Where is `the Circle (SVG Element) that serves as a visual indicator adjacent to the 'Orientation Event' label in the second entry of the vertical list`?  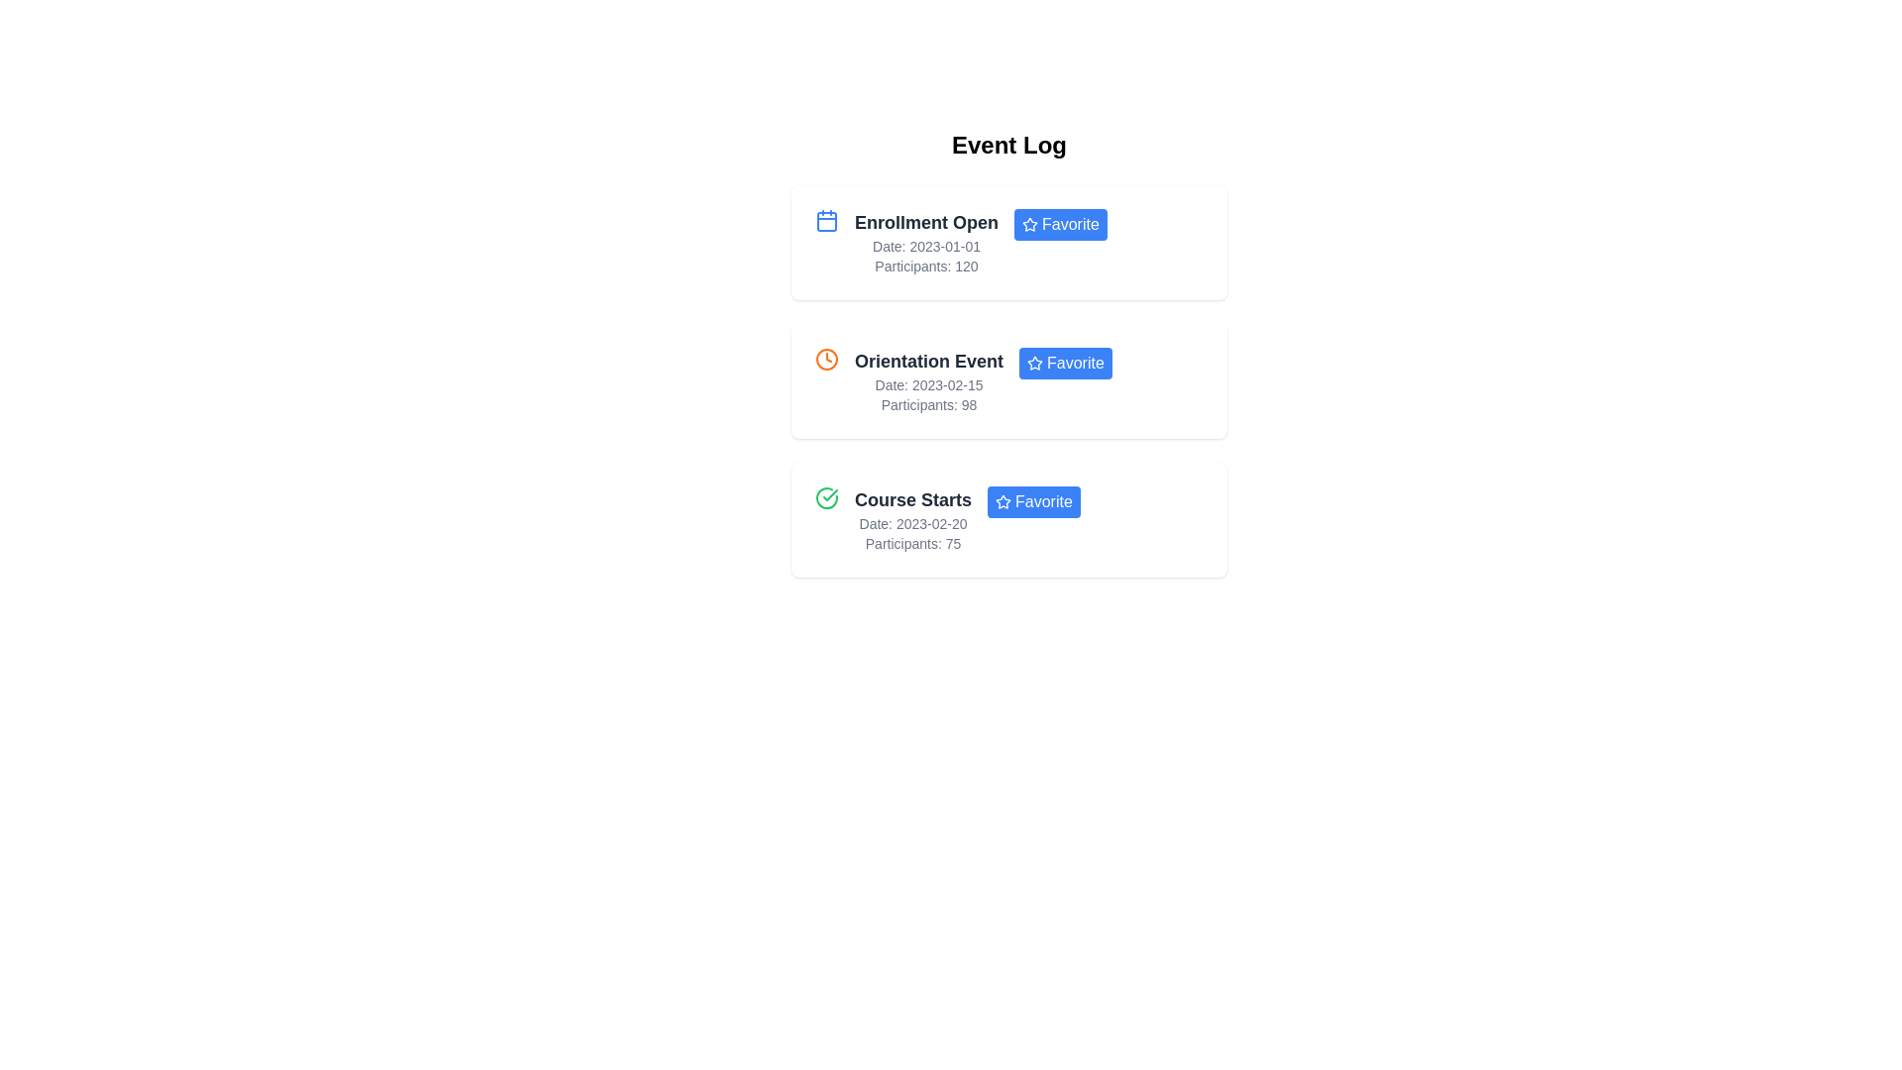 the Circle (SVG Element) that serves as a visual indicator adjacent to the 'Orientation Event' label in the second entry of the vertical list is located at coordinates (827, 359).